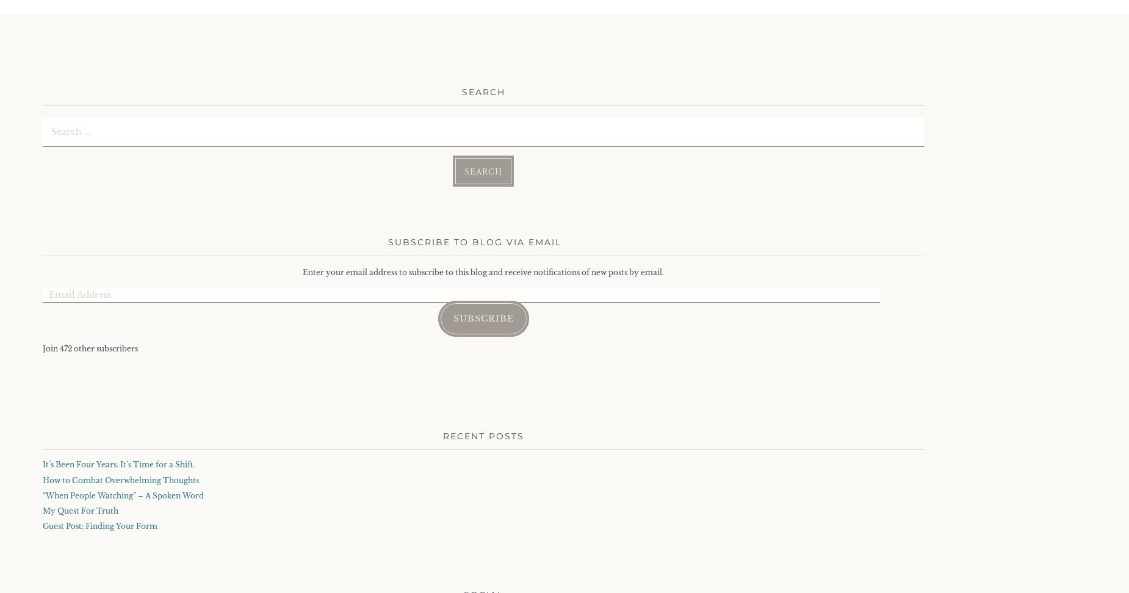  Describe the element at coordinates (483, 318) in the screenshot. I see `'Subscribe'` at that location.